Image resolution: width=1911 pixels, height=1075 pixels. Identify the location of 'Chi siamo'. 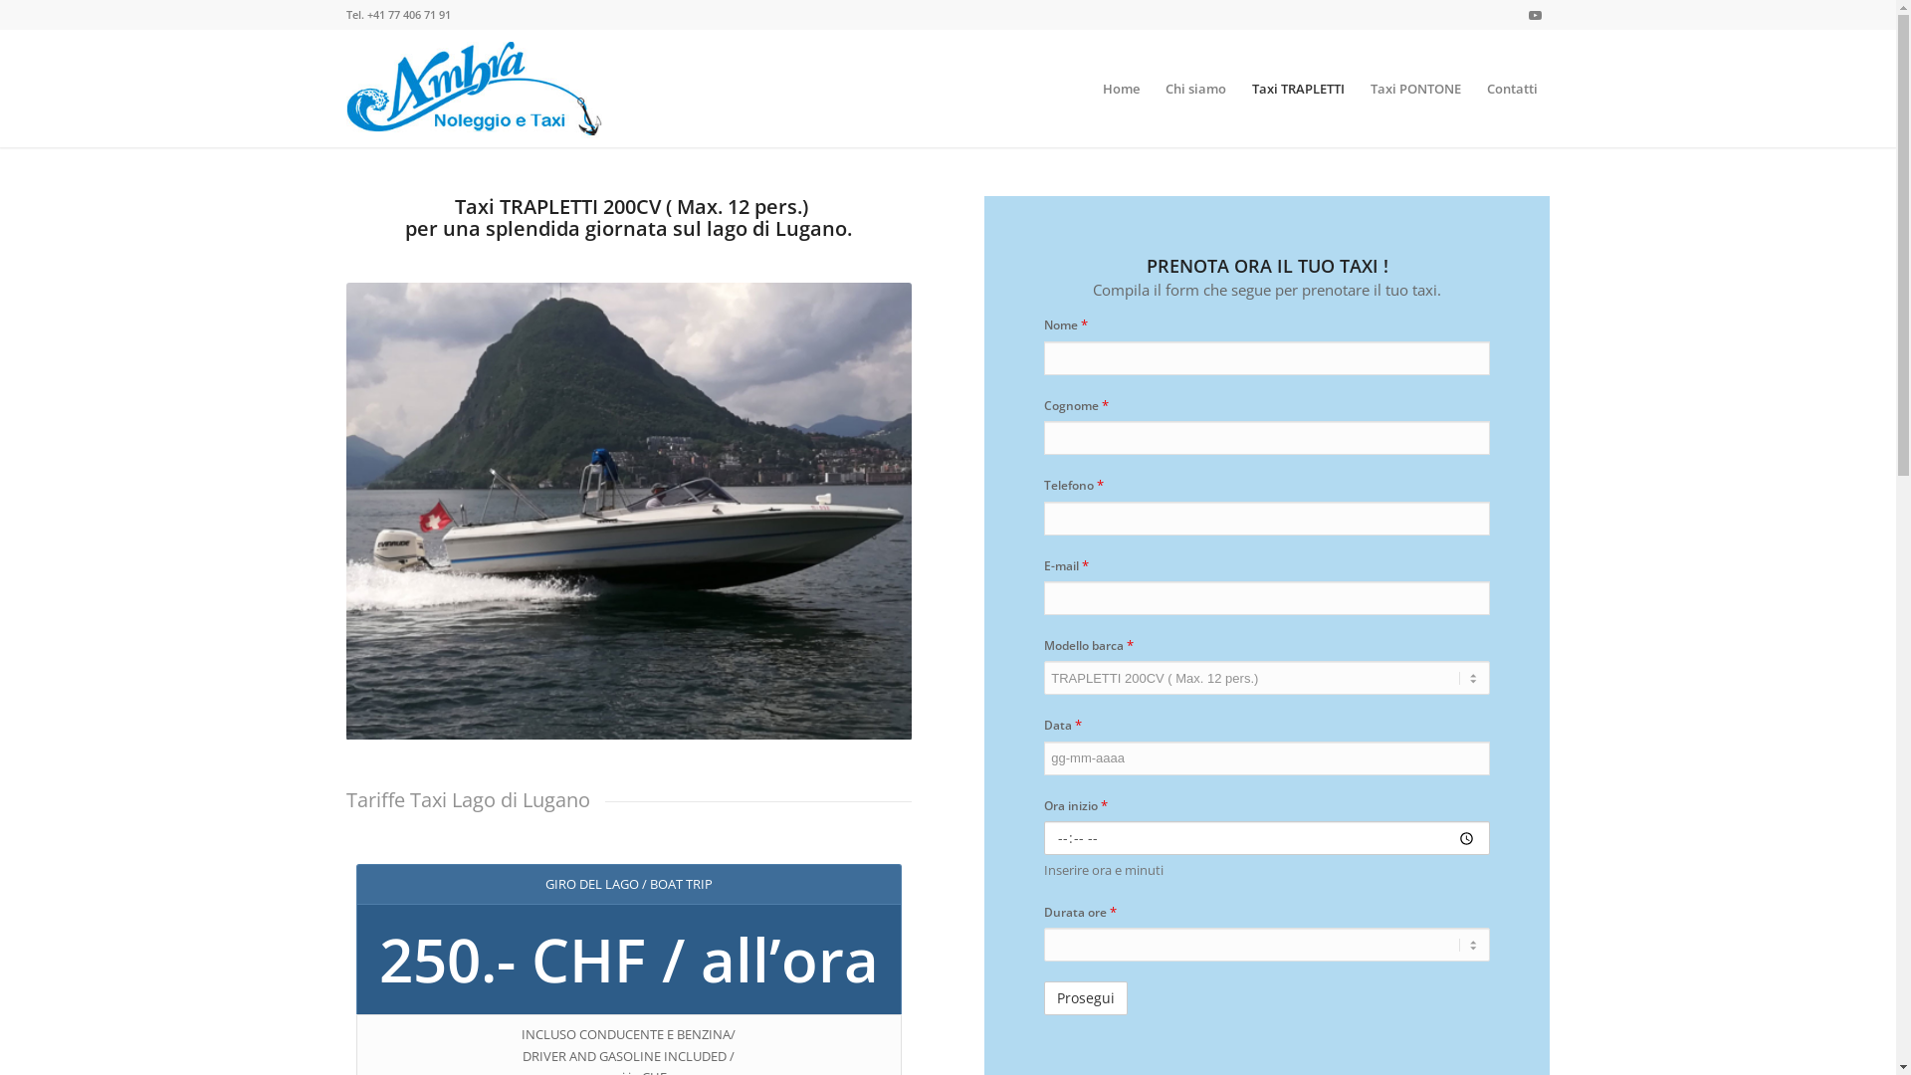
(1194, 87).